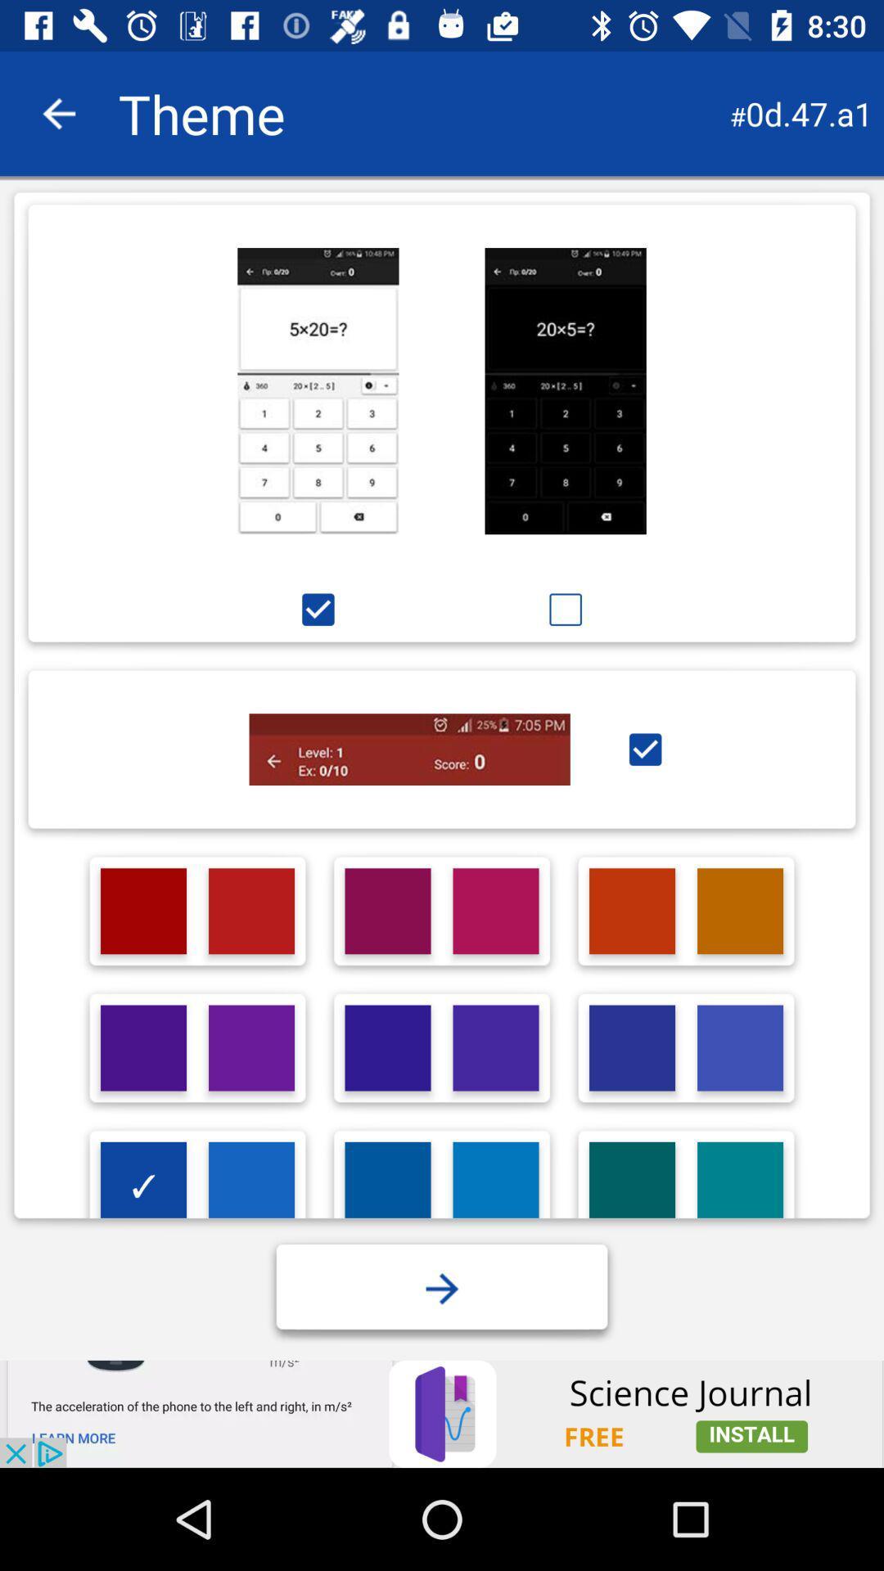  What do you see at coordinates (565, 609) in the screenshot?
I see `sad` at bounding box center [565, 609].